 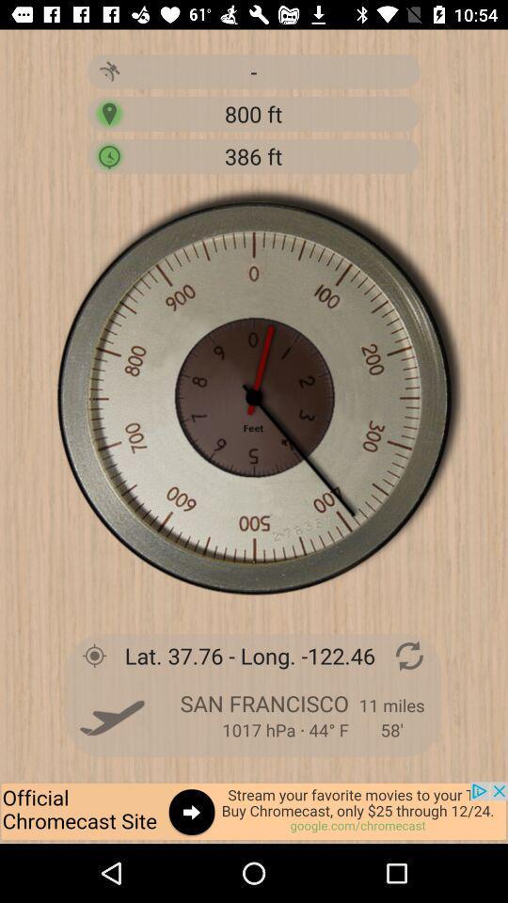 I want to click on the image above lat3776long12246, so click(x=254, y=397).